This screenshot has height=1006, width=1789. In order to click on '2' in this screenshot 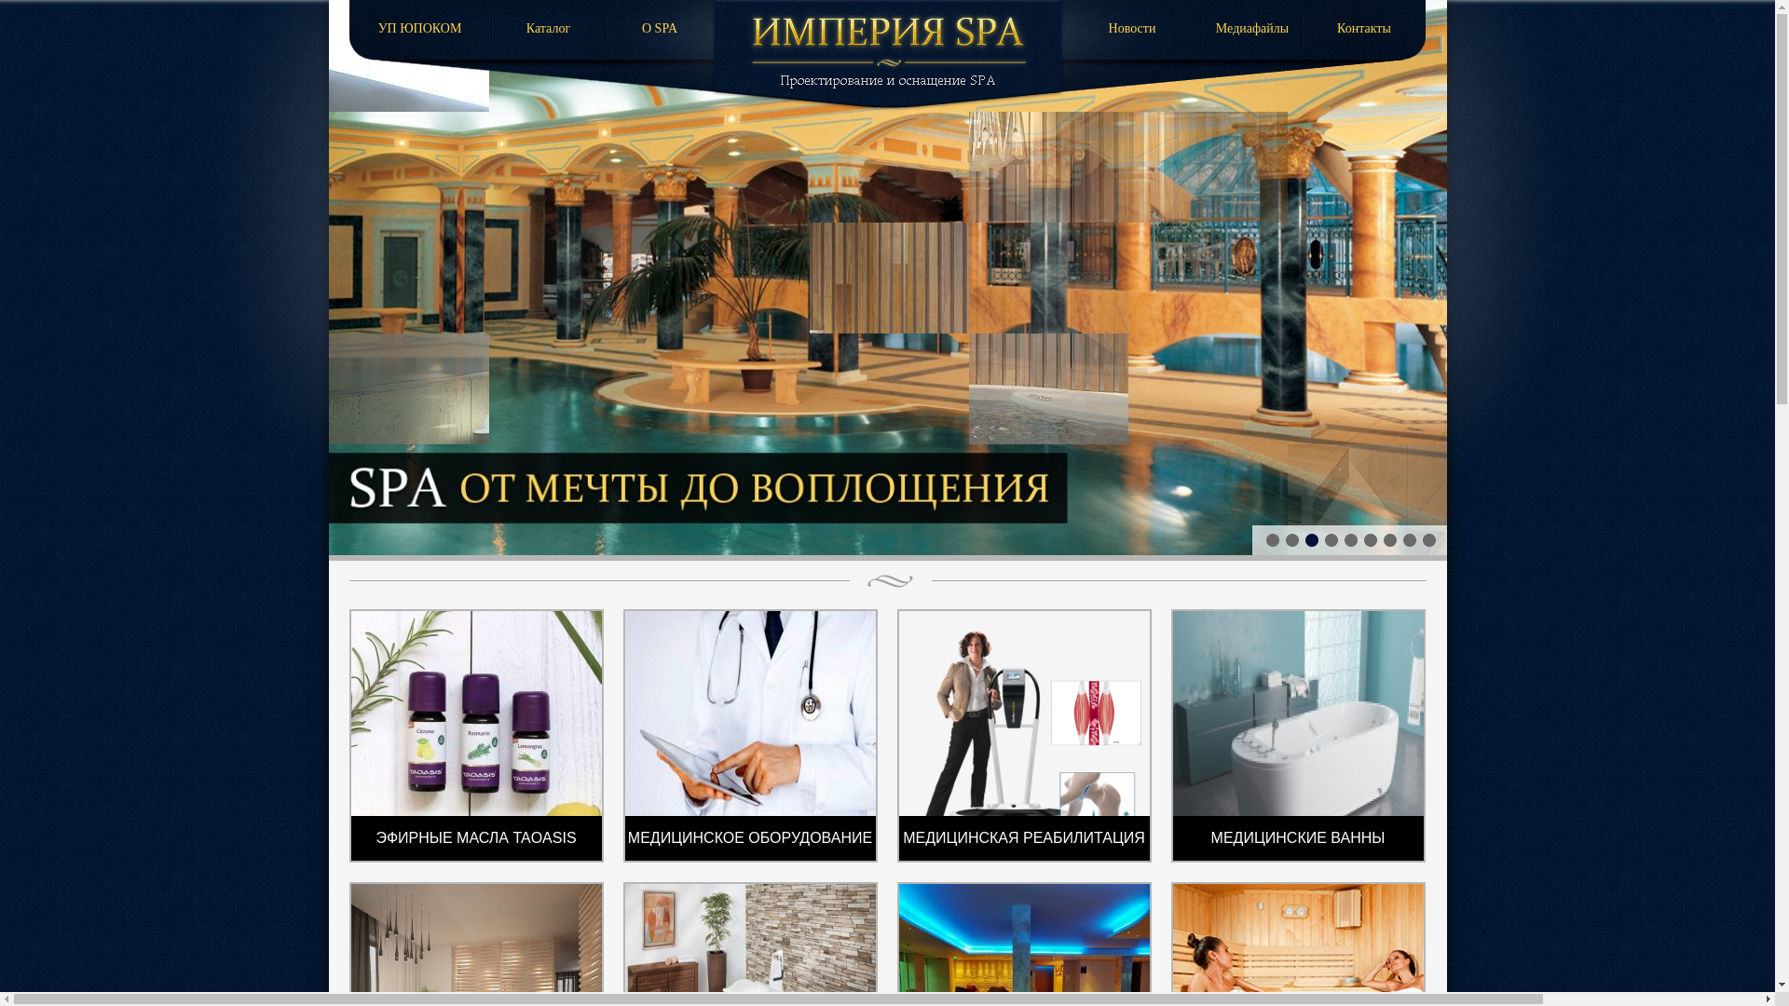, I will do `click(1291, 539)`.